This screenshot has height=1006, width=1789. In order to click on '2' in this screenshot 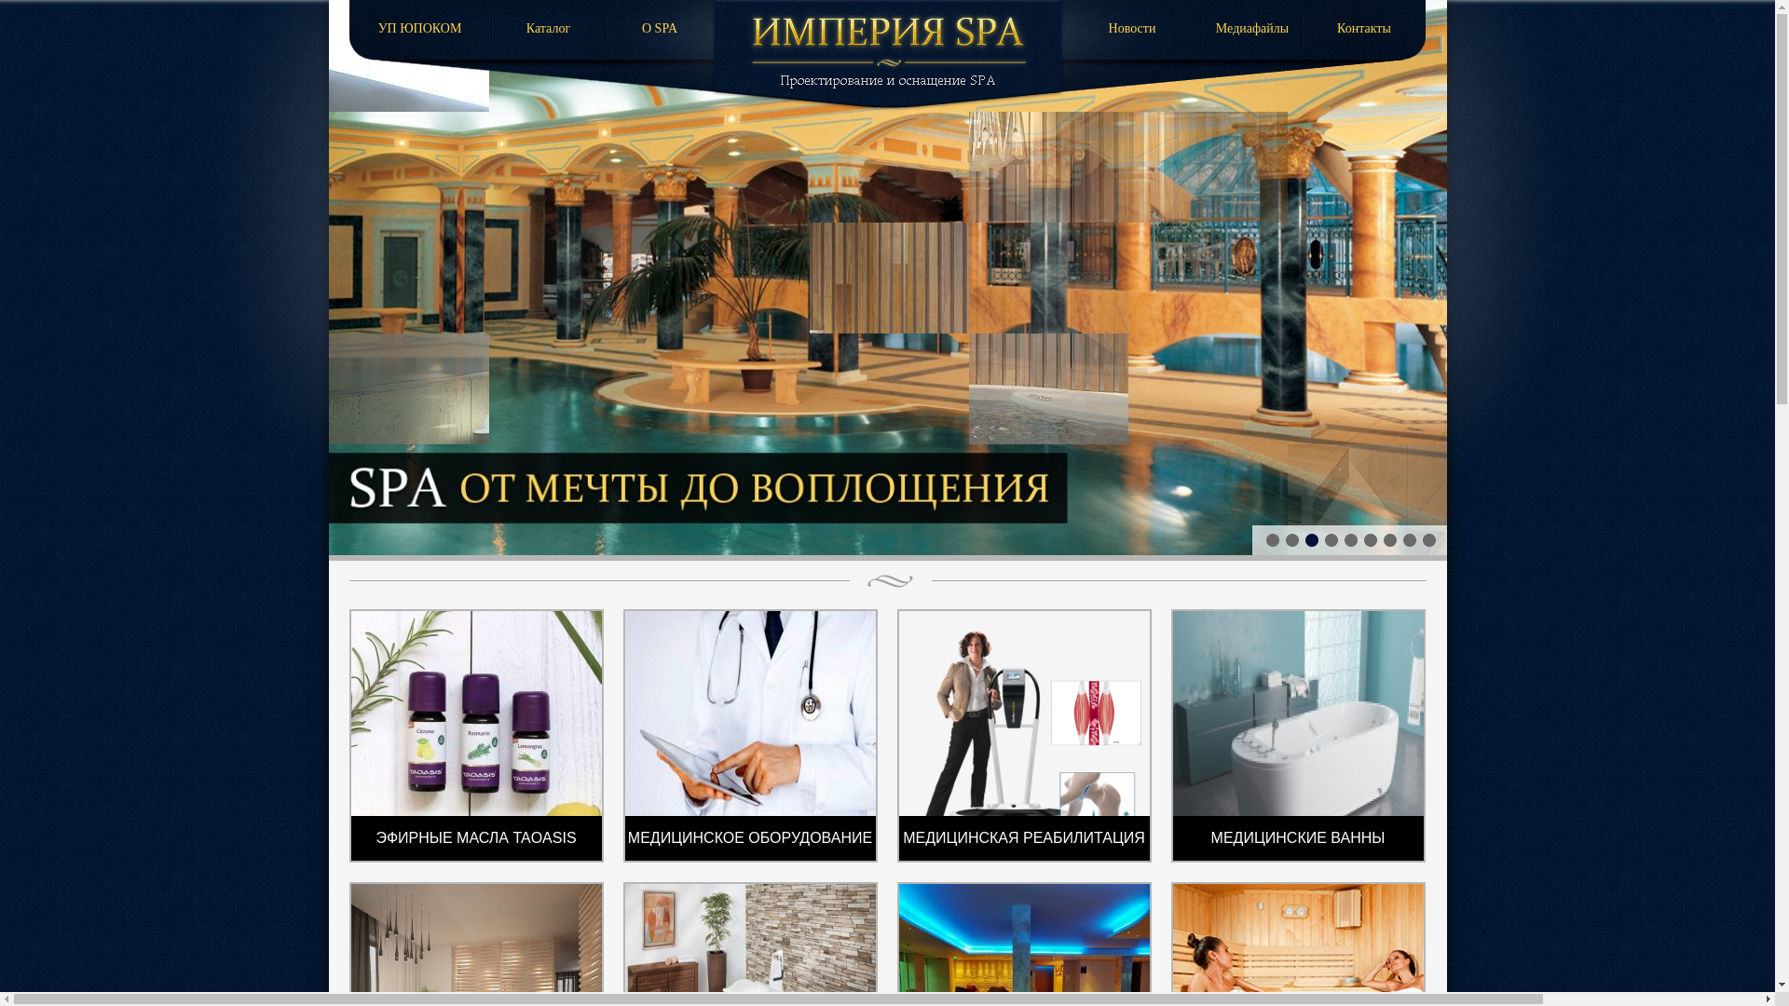, I will do `click(1291, 539)`.